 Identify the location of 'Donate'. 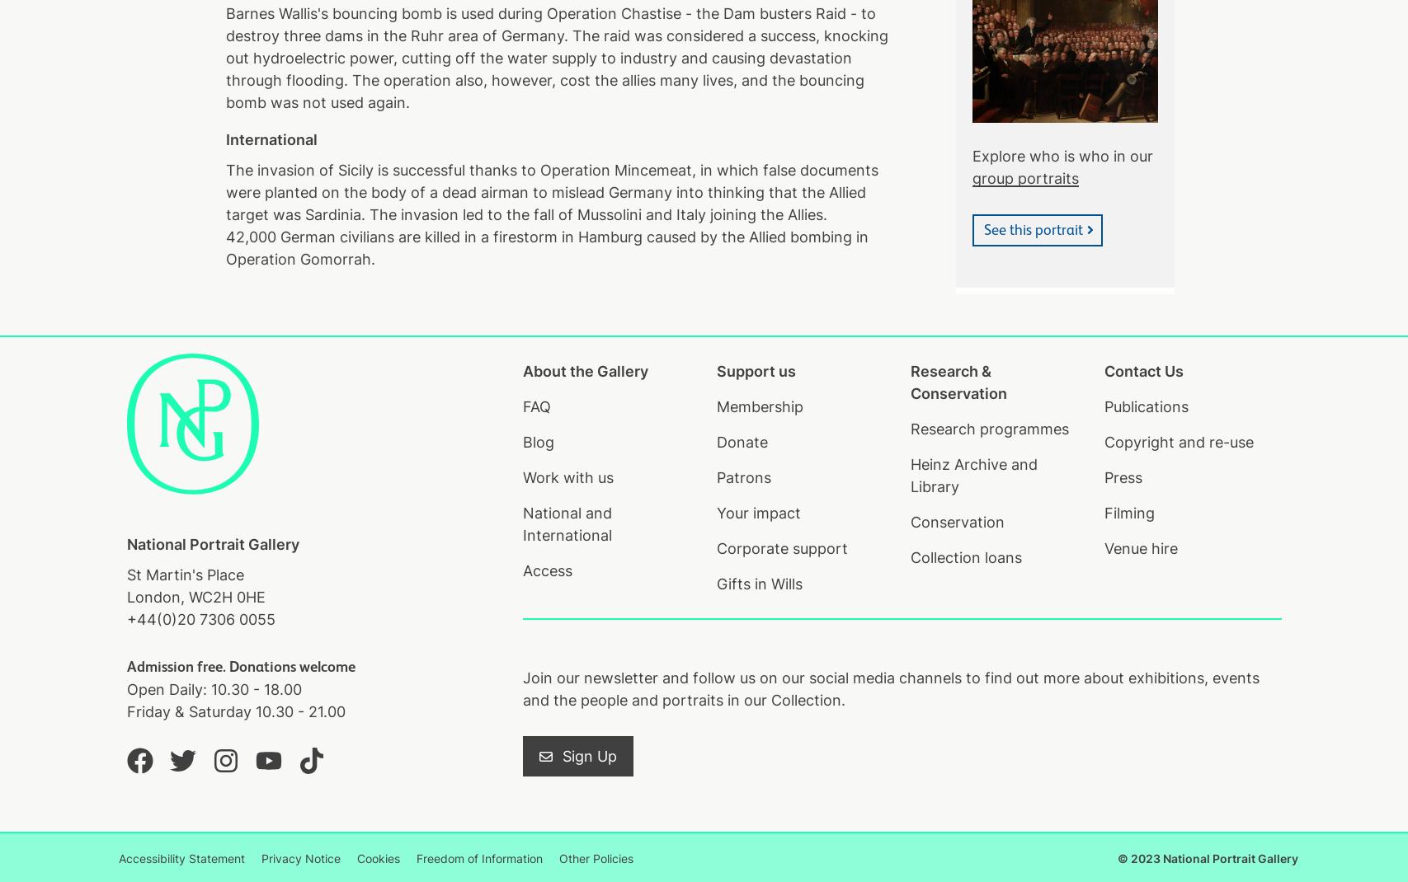
(741, 441).